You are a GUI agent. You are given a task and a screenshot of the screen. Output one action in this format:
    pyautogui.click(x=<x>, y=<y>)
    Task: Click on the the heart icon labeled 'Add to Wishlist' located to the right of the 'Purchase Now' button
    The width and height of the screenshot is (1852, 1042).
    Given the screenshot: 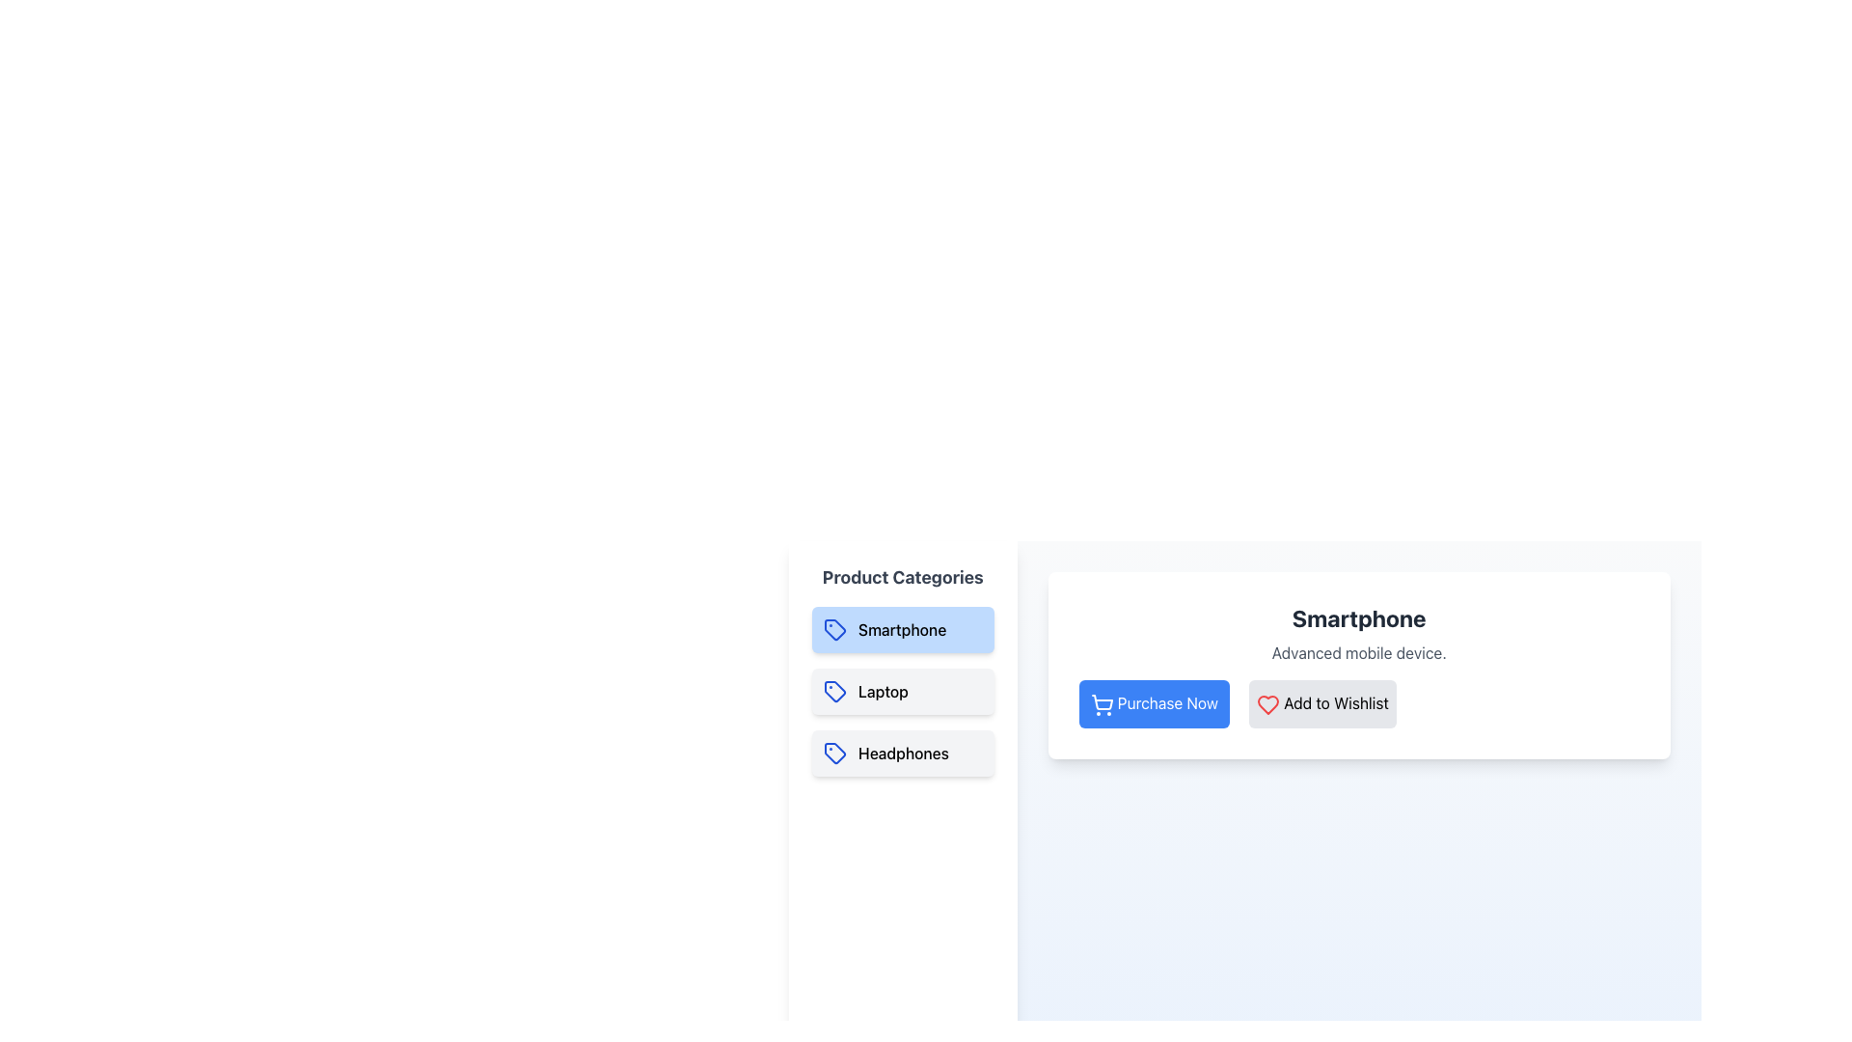 What is the action you would take?
    pyautogui.click(x=1268, y=704)
    